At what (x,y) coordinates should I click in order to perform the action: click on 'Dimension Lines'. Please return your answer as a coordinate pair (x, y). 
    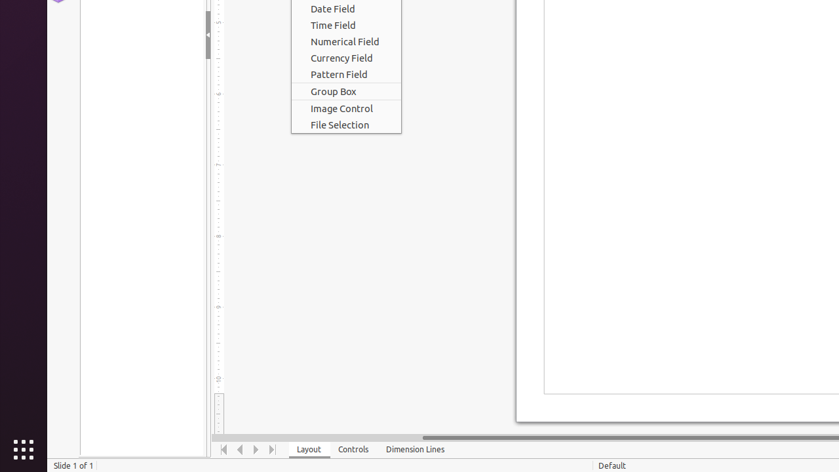
    Looking at the image, I should click on (415, 449).